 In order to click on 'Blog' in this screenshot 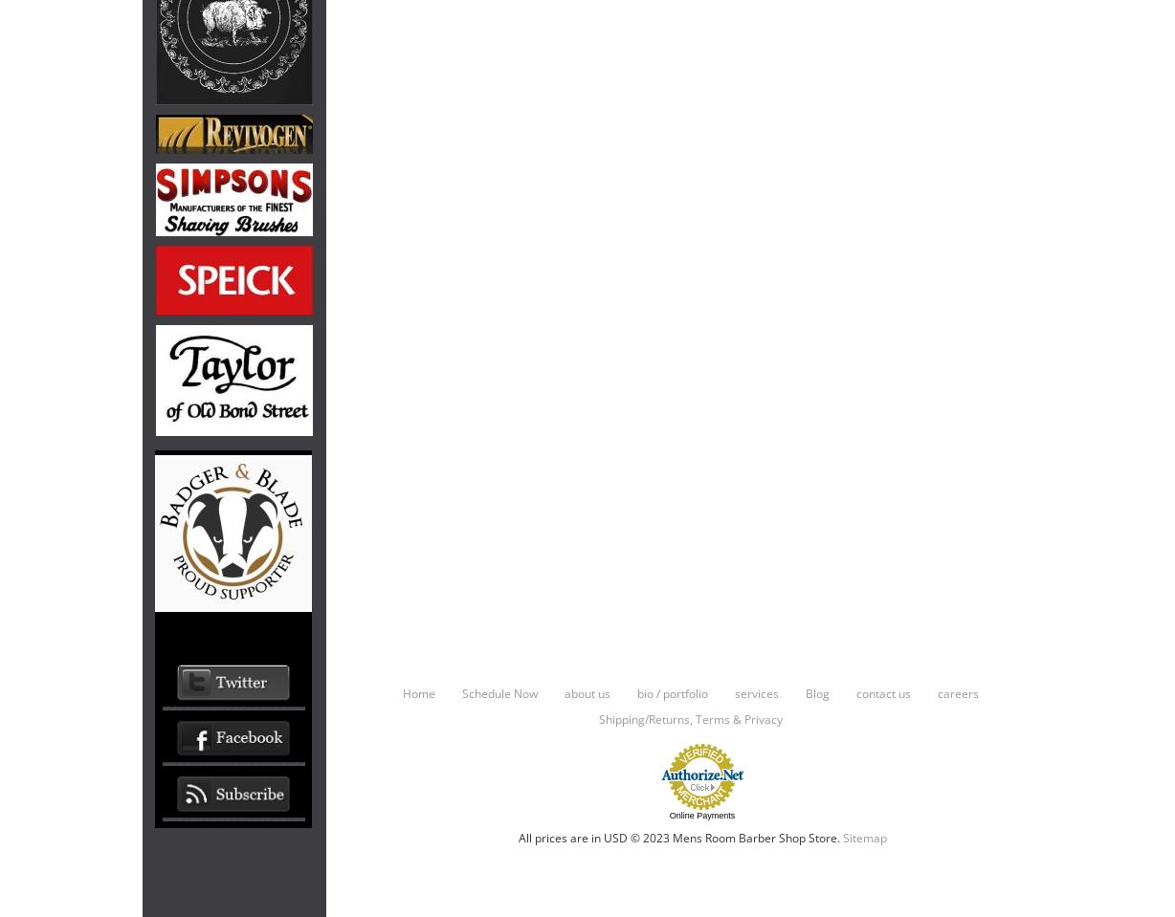, I will do `click(815, 691)`.